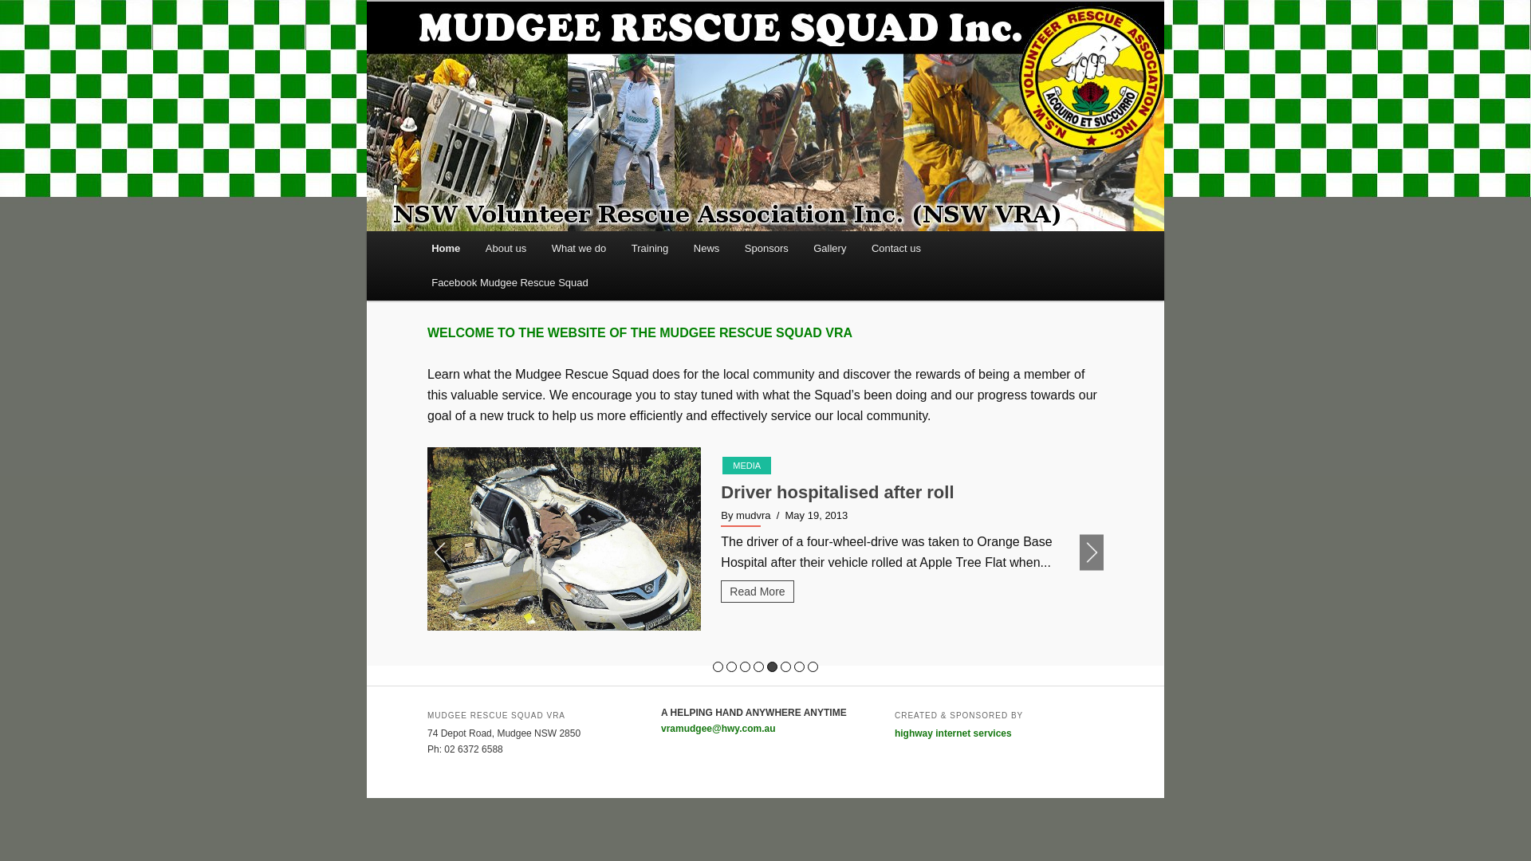 This screenshot has height=861, width=1531. I want to click on 'Read More', so click(756, 611).